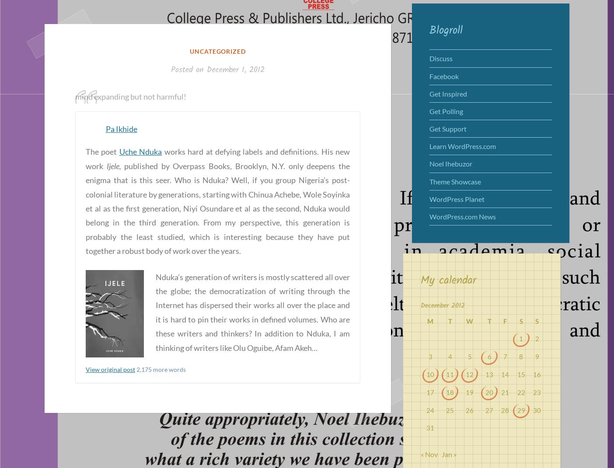  I want to click on '3', so click(430, 356).